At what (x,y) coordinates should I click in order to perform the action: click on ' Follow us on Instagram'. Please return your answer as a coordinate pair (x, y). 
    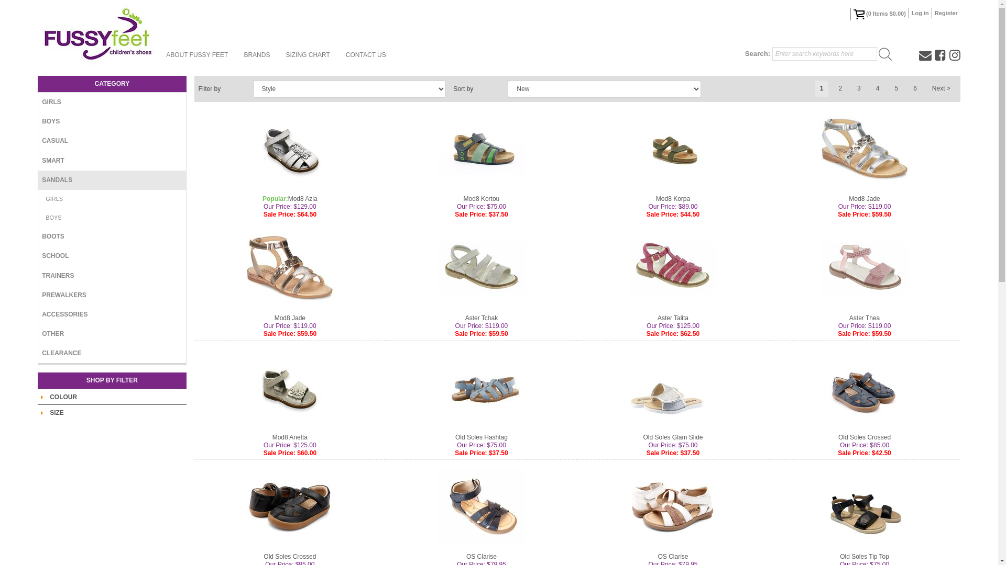
    Looking at the image, I should click on (949, 54).